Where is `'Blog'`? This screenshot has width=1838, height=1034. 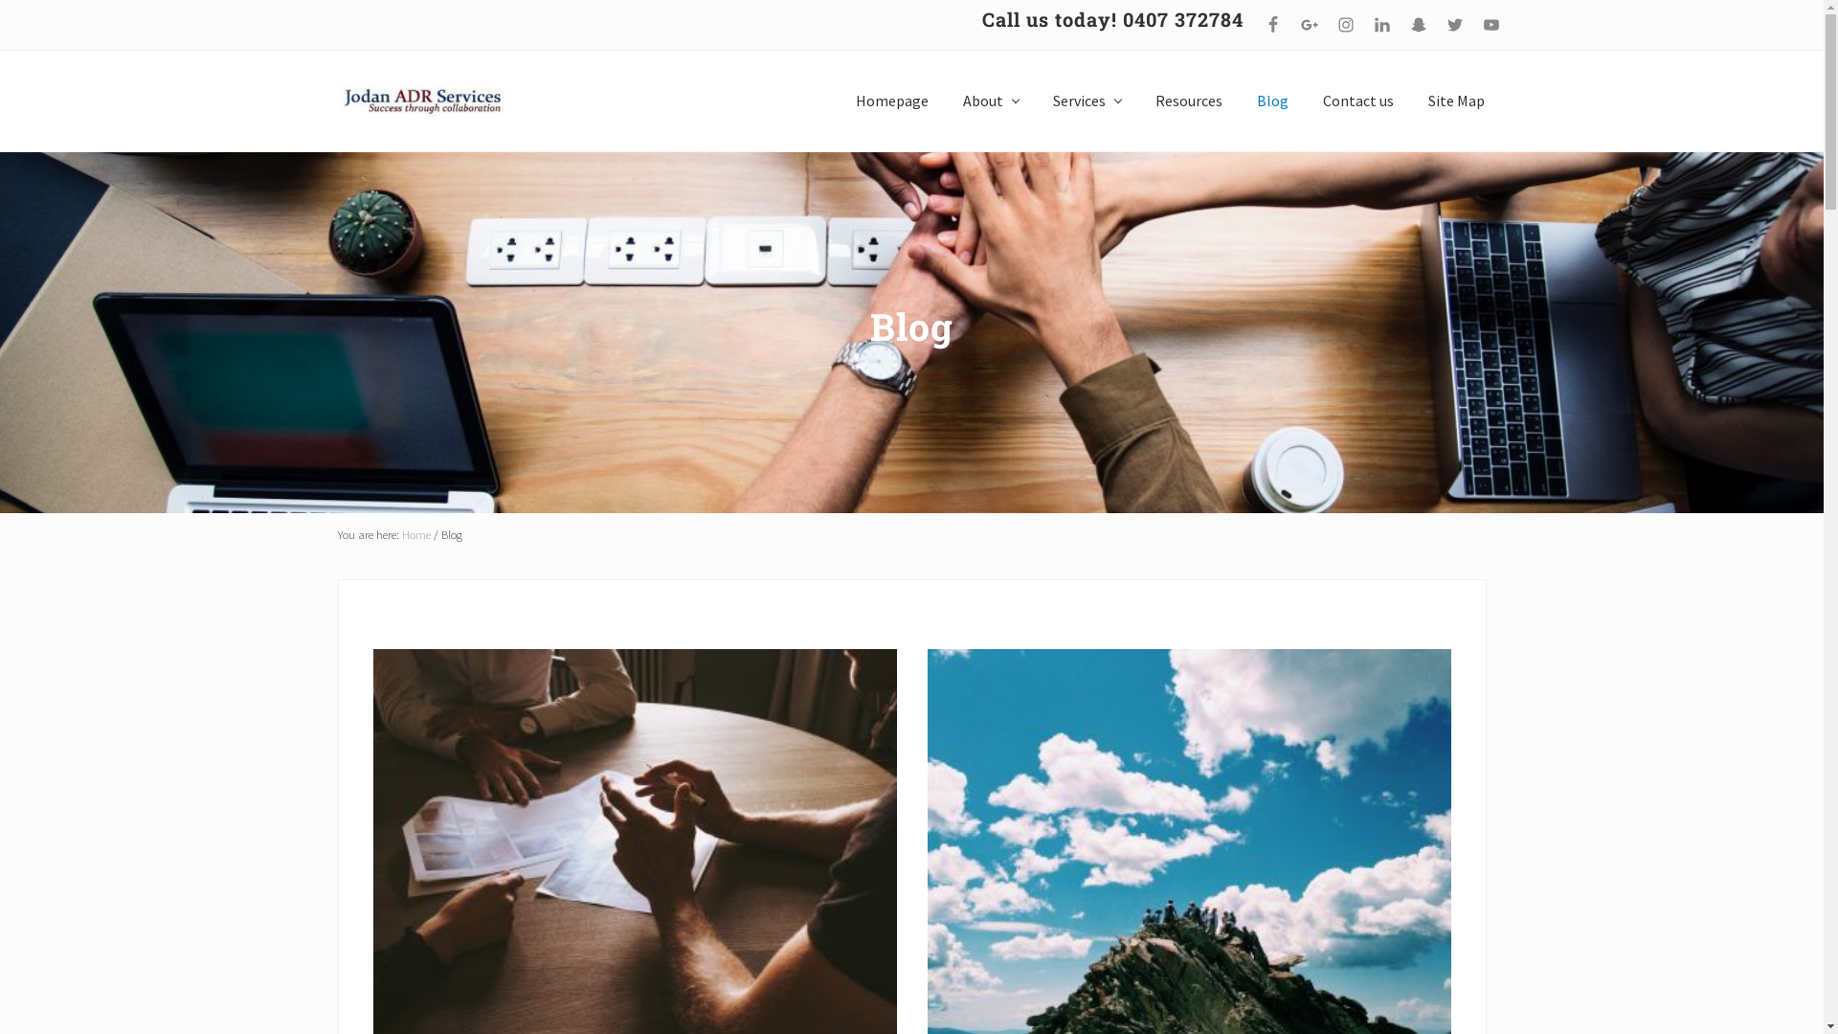
'Blog' is located at coordinates (1241, 100).